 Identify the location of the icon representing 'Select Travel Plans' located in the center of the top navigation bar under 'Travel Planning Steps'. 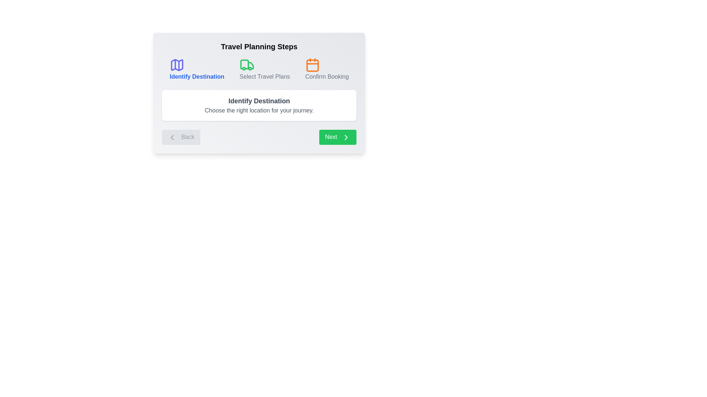
(247, 65).